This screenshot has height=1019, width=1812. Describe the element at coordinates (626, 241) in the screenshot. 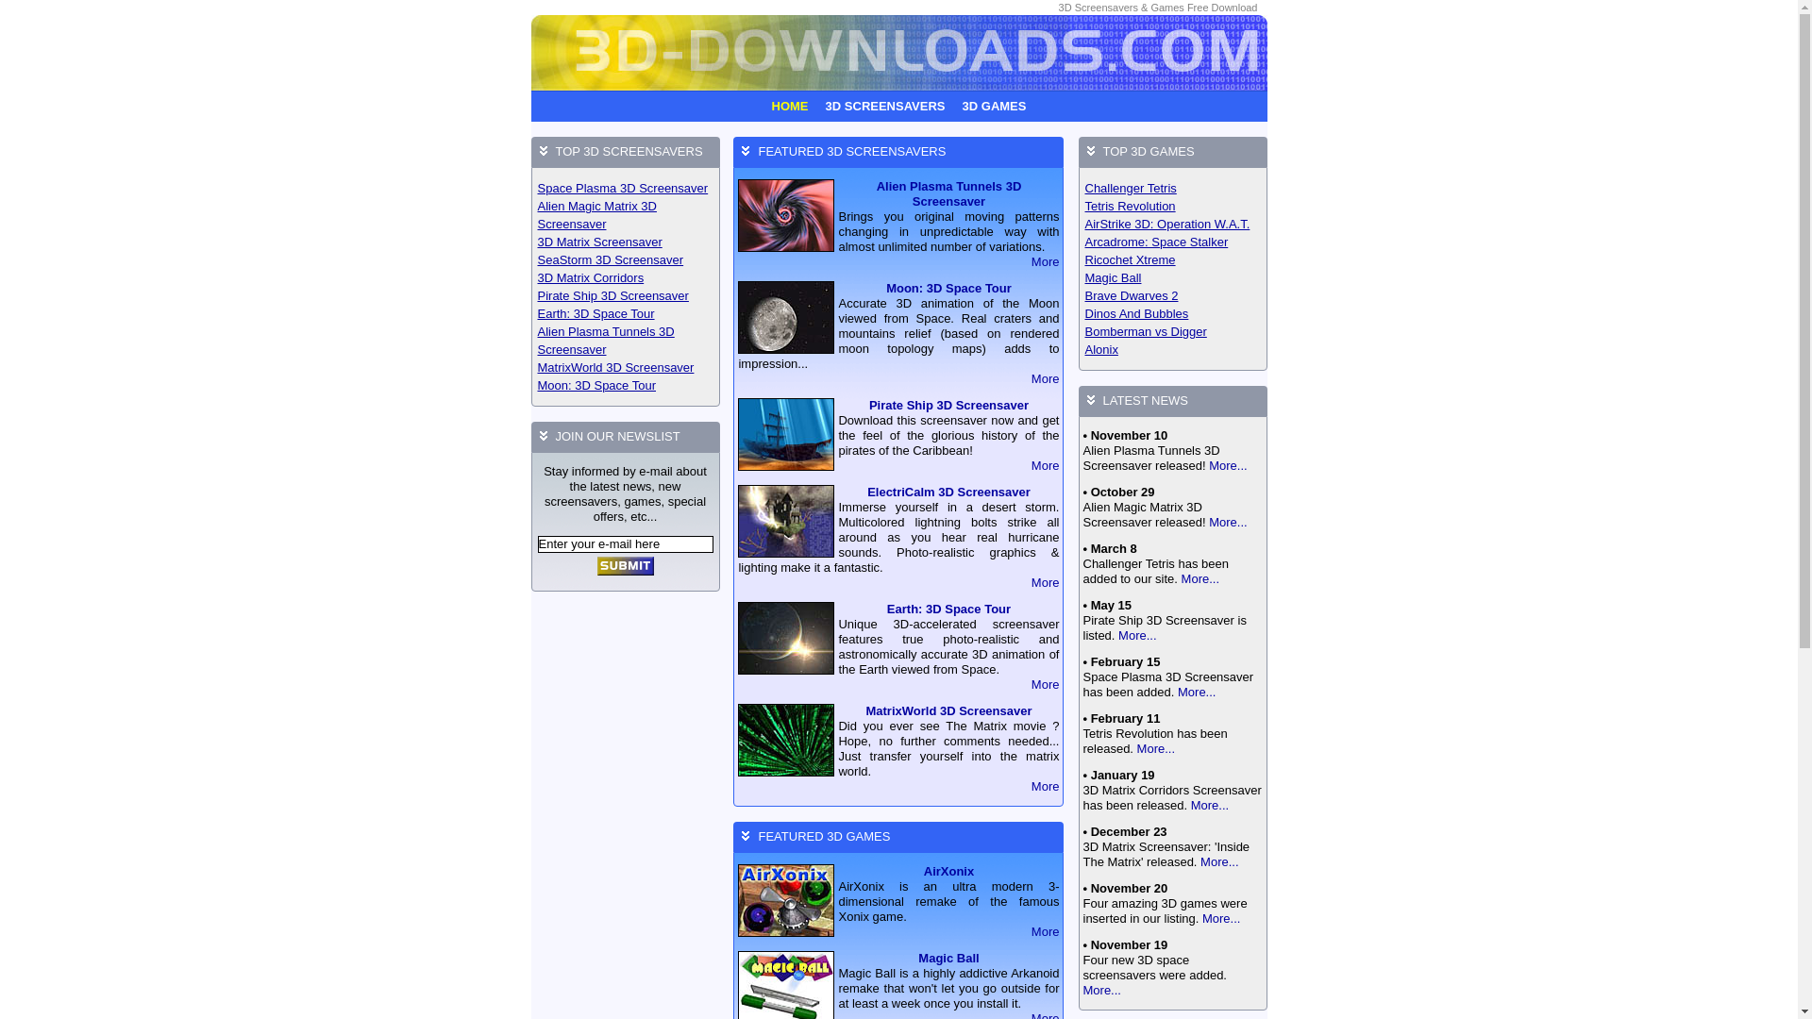

I see `'3D Matrix Screensaver'` at that location.